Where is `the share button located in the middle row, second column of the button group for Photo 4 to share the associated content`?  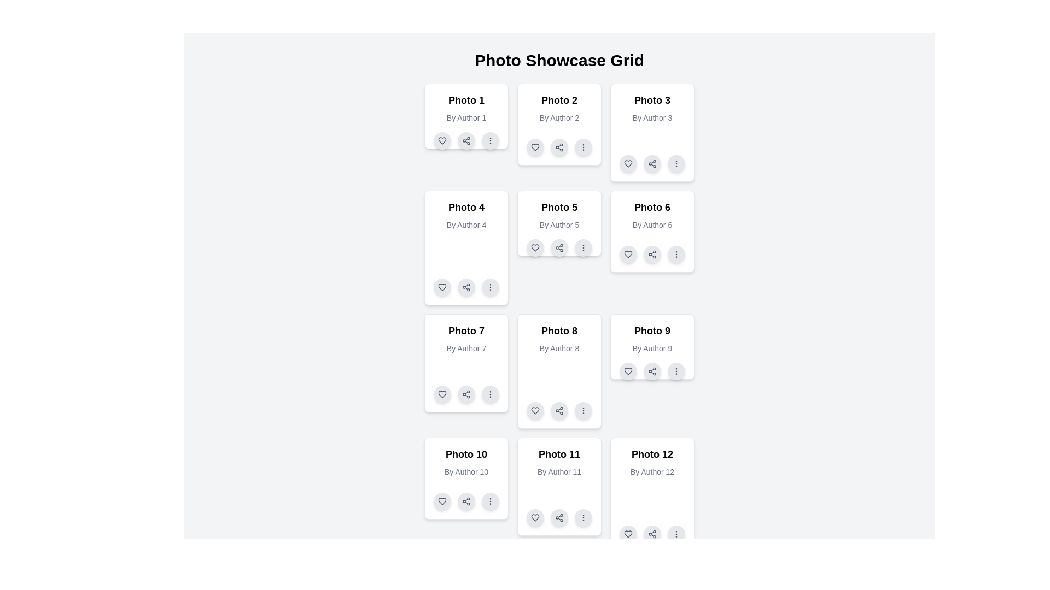
the share button located in the middle row, second column of the button group for Photo 4 to share the associated content is located at coordinates (466, 286).